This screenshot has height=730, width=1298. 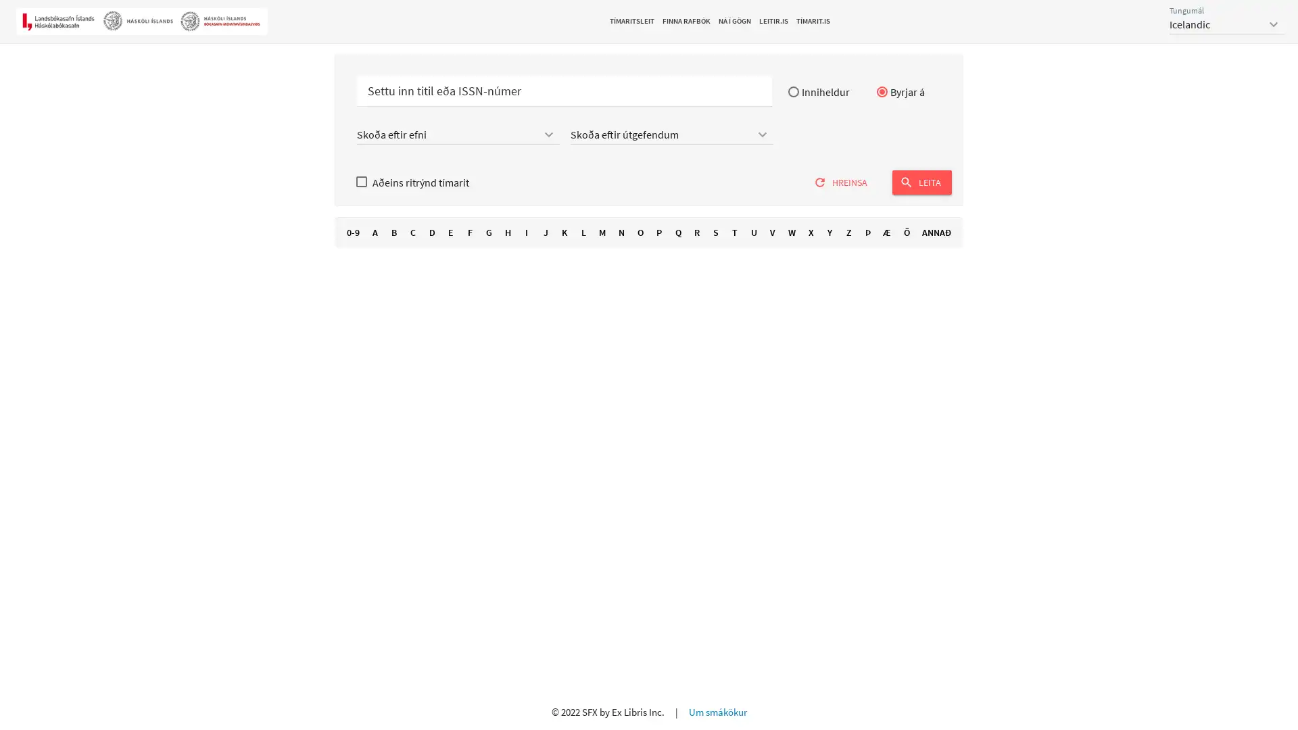 I want to click on O, so click(x=639, y=231).